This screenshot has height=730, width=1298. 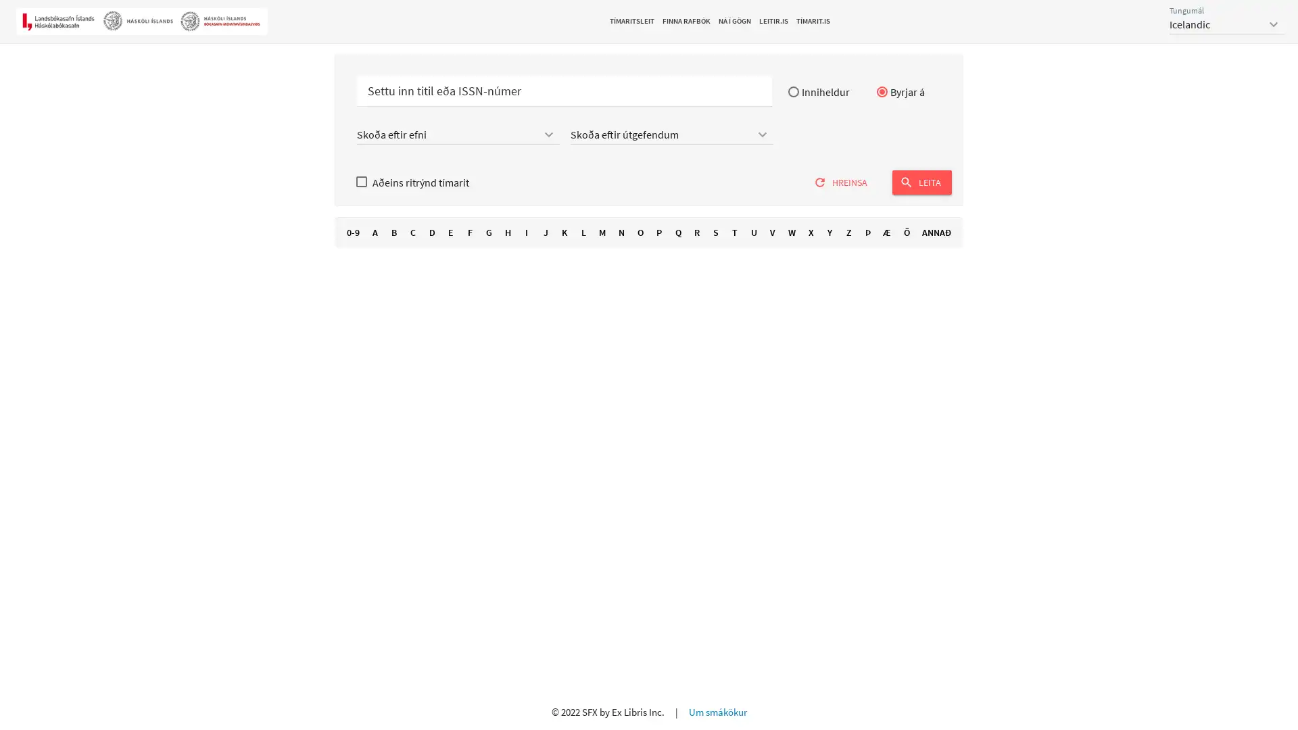 I want to click on O, so click(x=639, y=231).